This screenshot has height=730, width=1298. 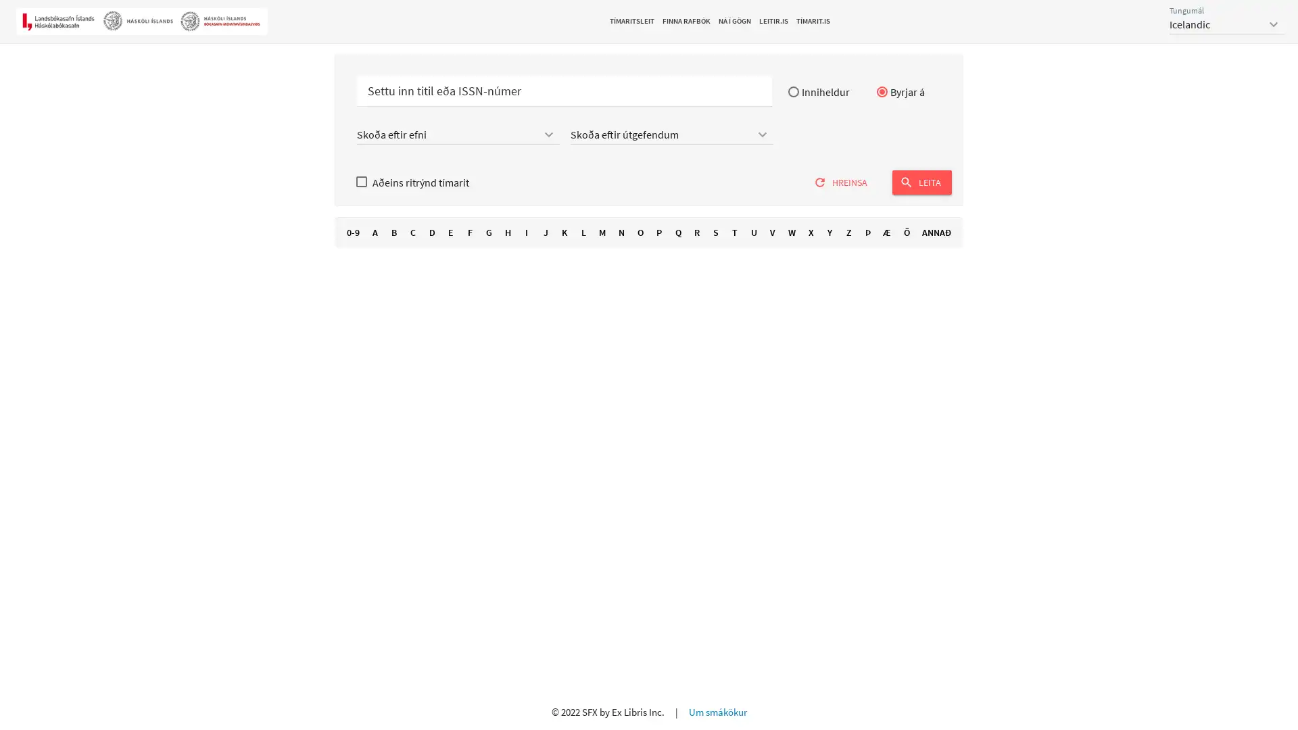 I want to click on O, so click(x=639, y=231).